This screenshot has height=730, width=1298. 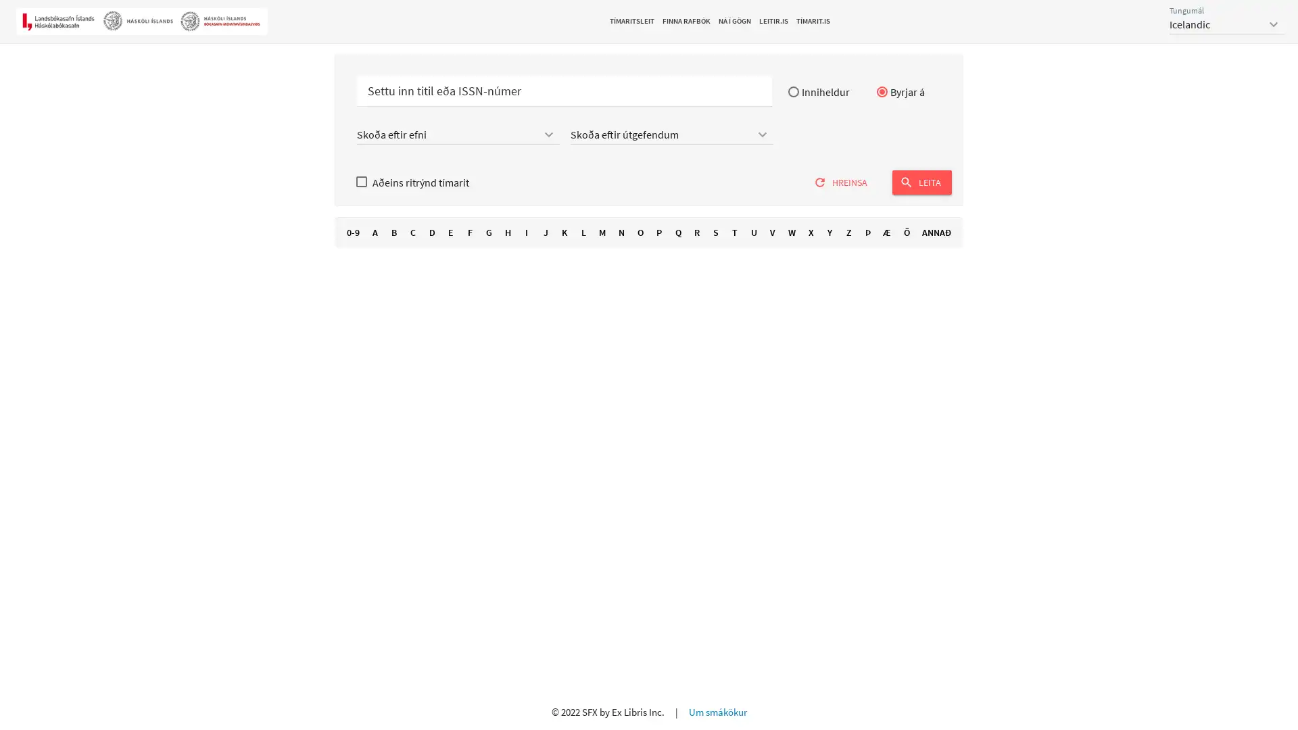 I want to click on O, so click(x=639, y=231).